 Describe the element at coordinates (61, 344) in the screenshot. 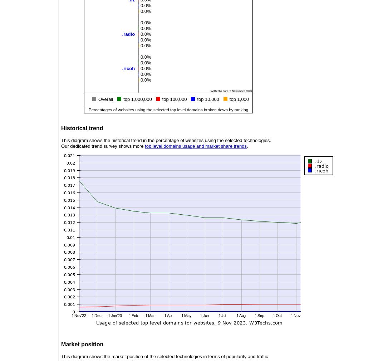

I see `'Market position'` at that location.